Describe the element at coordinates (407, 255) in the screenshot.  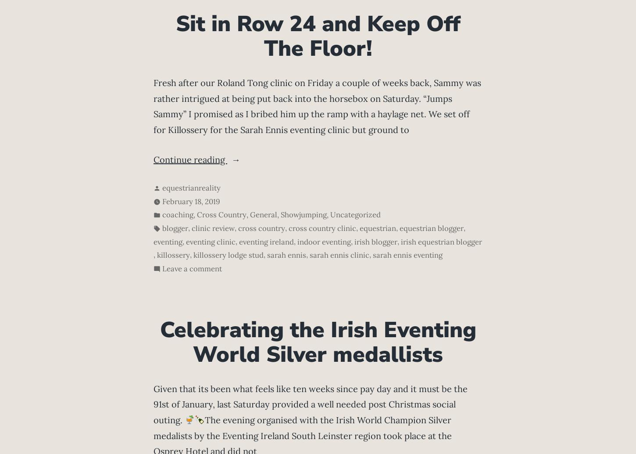
I see `'sarah ennis eventing'` at that location.